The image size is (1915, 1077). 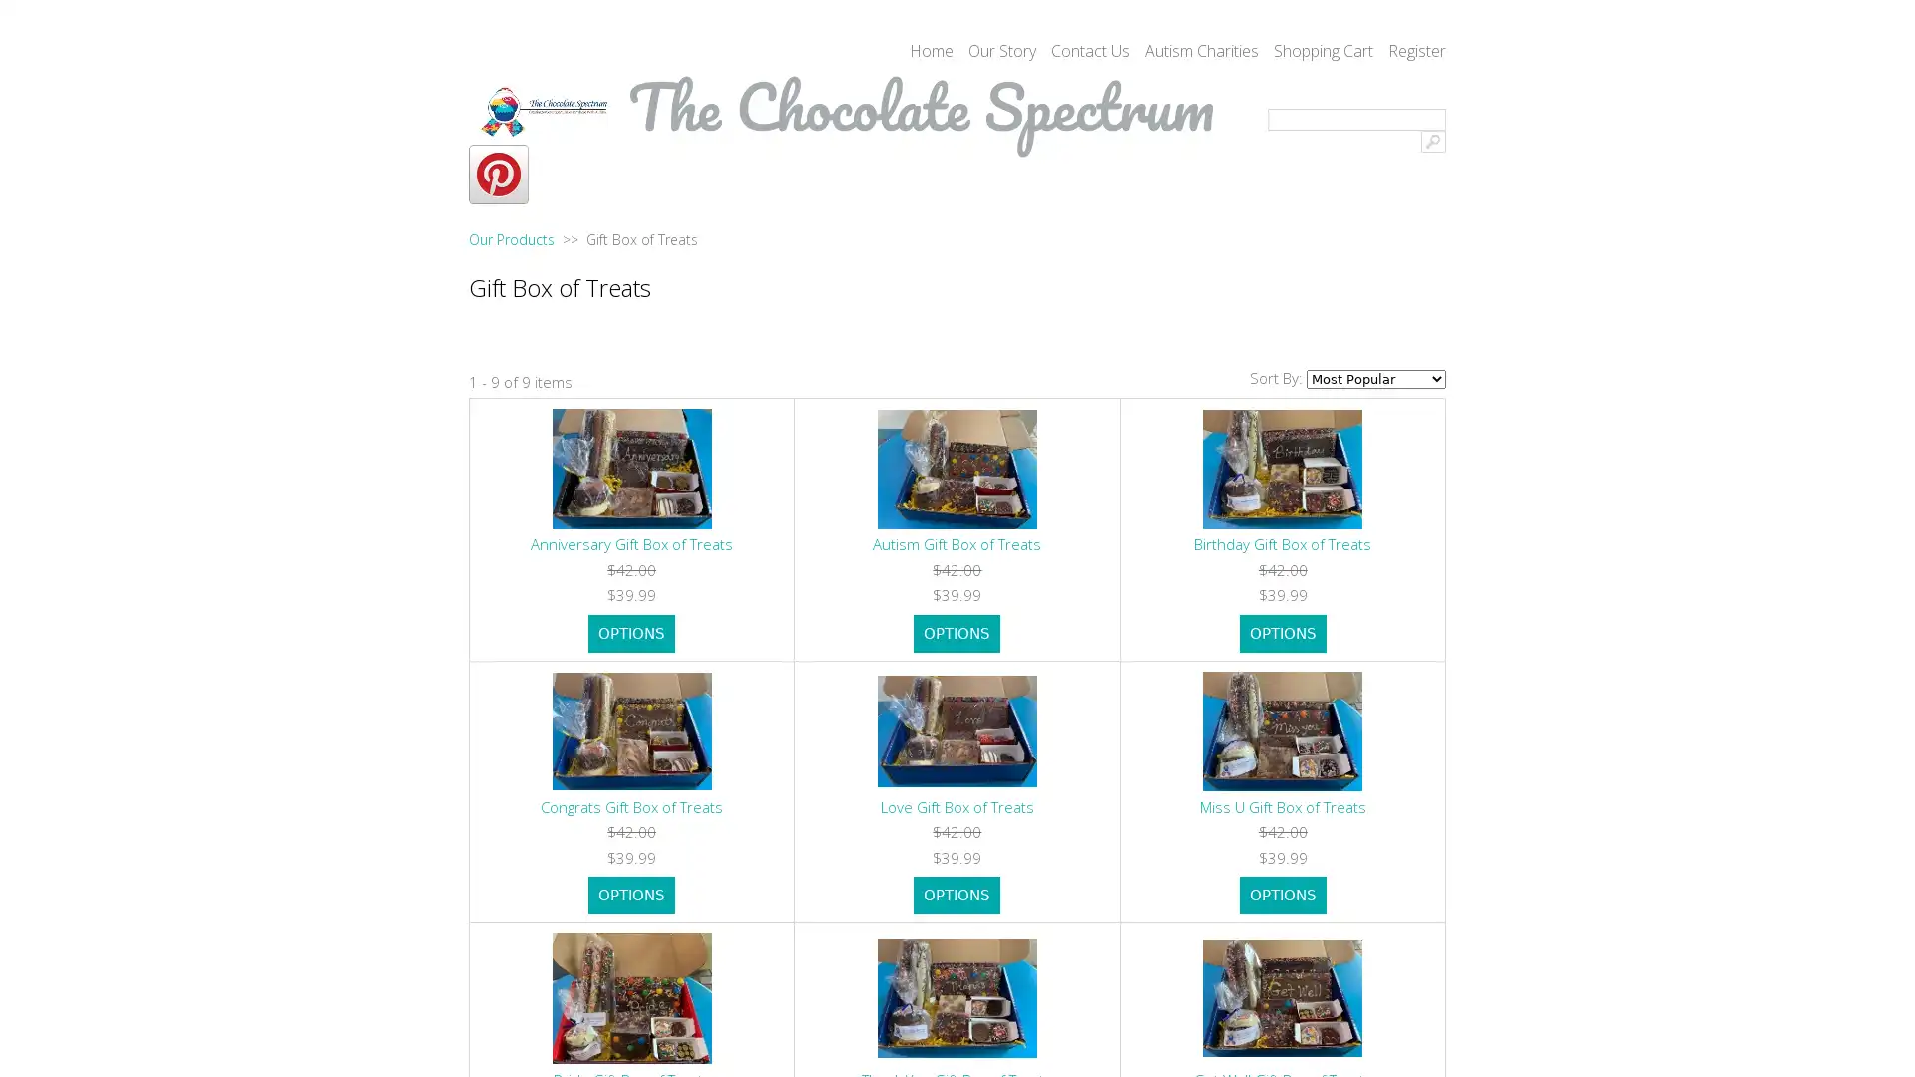 I want to click on Options, so click(x=1282, y=633).